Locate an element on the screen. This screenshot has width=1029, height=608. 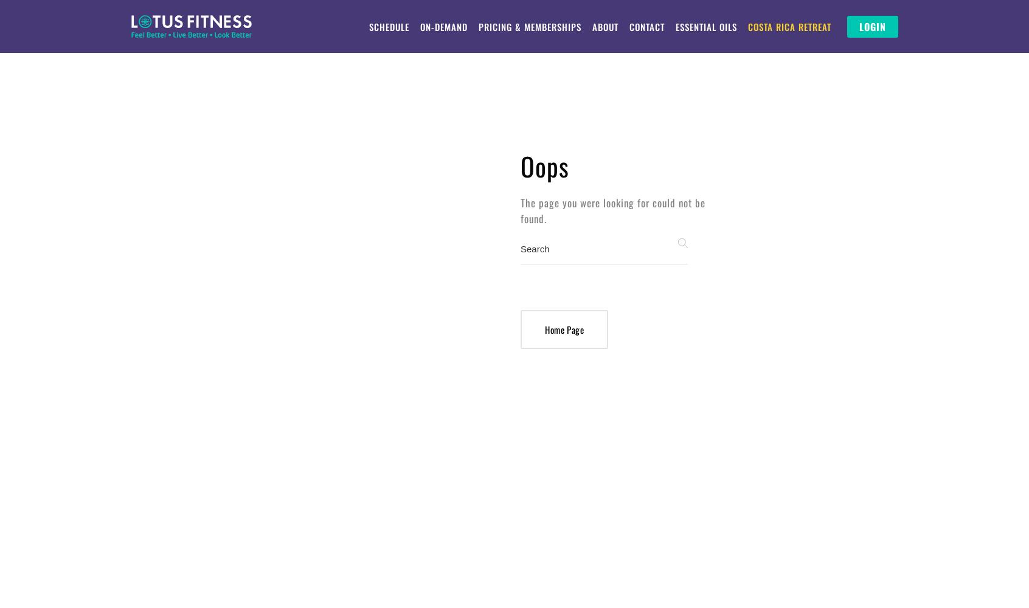
'Oops' is located at coordinates (544, 166).